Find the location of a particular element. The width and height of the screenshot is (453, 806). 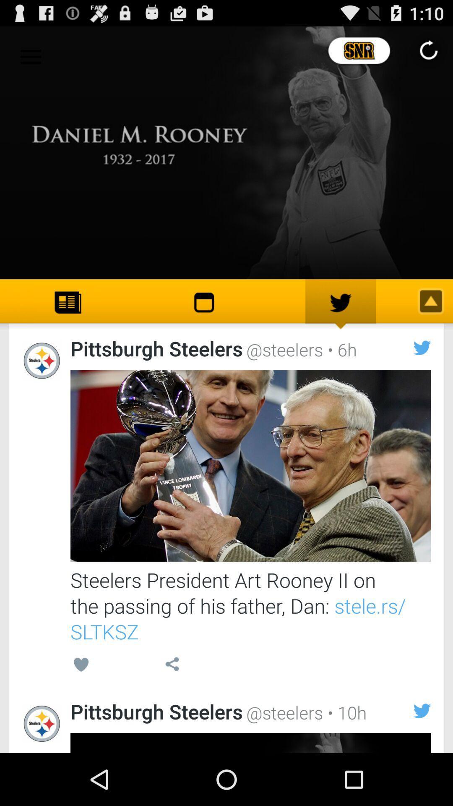

steelers president art item is located at coordinates (250, 606).